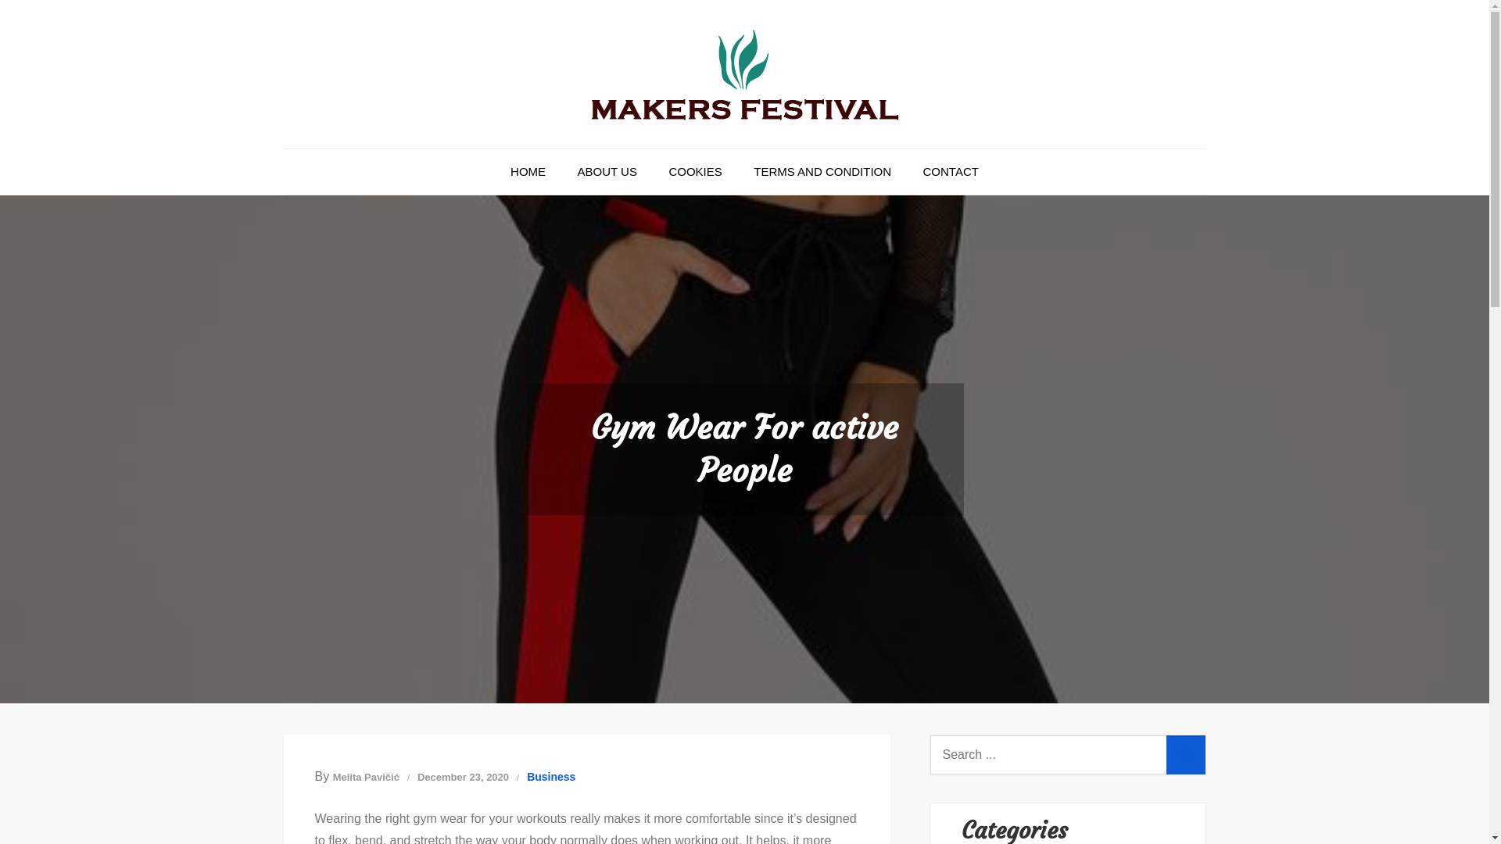  Describe the element at coordinates (693, 171) in the screenshot. I see `'COOKIES'` at that location.